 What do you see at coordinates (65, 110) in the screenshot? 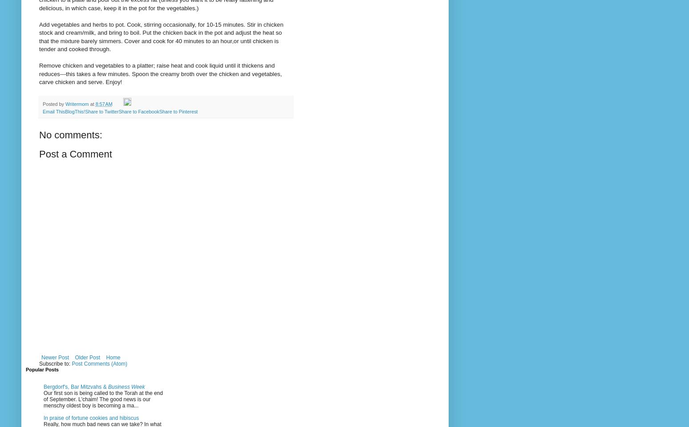
I see `'BlogThis!'` at bounding box center [65, 110].